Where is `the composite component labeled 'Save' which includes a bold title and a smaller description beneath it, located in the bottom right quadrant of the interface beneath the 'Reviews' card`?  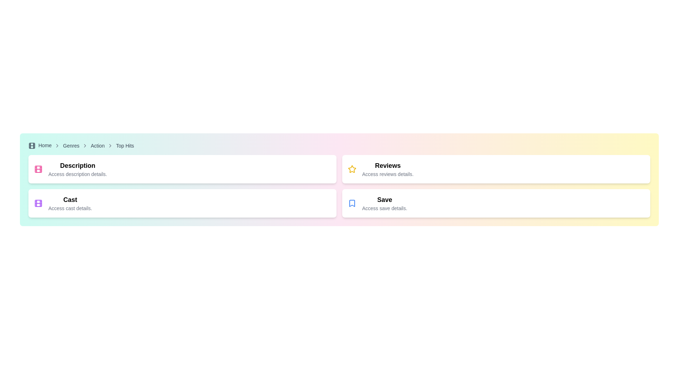 the composite component labeled 'Save' which includes a bold title and a smaller description beneath it, located in the bottom right quadrant of the interface beneath the 'Reviews' card is located at coordinates (384, 203).